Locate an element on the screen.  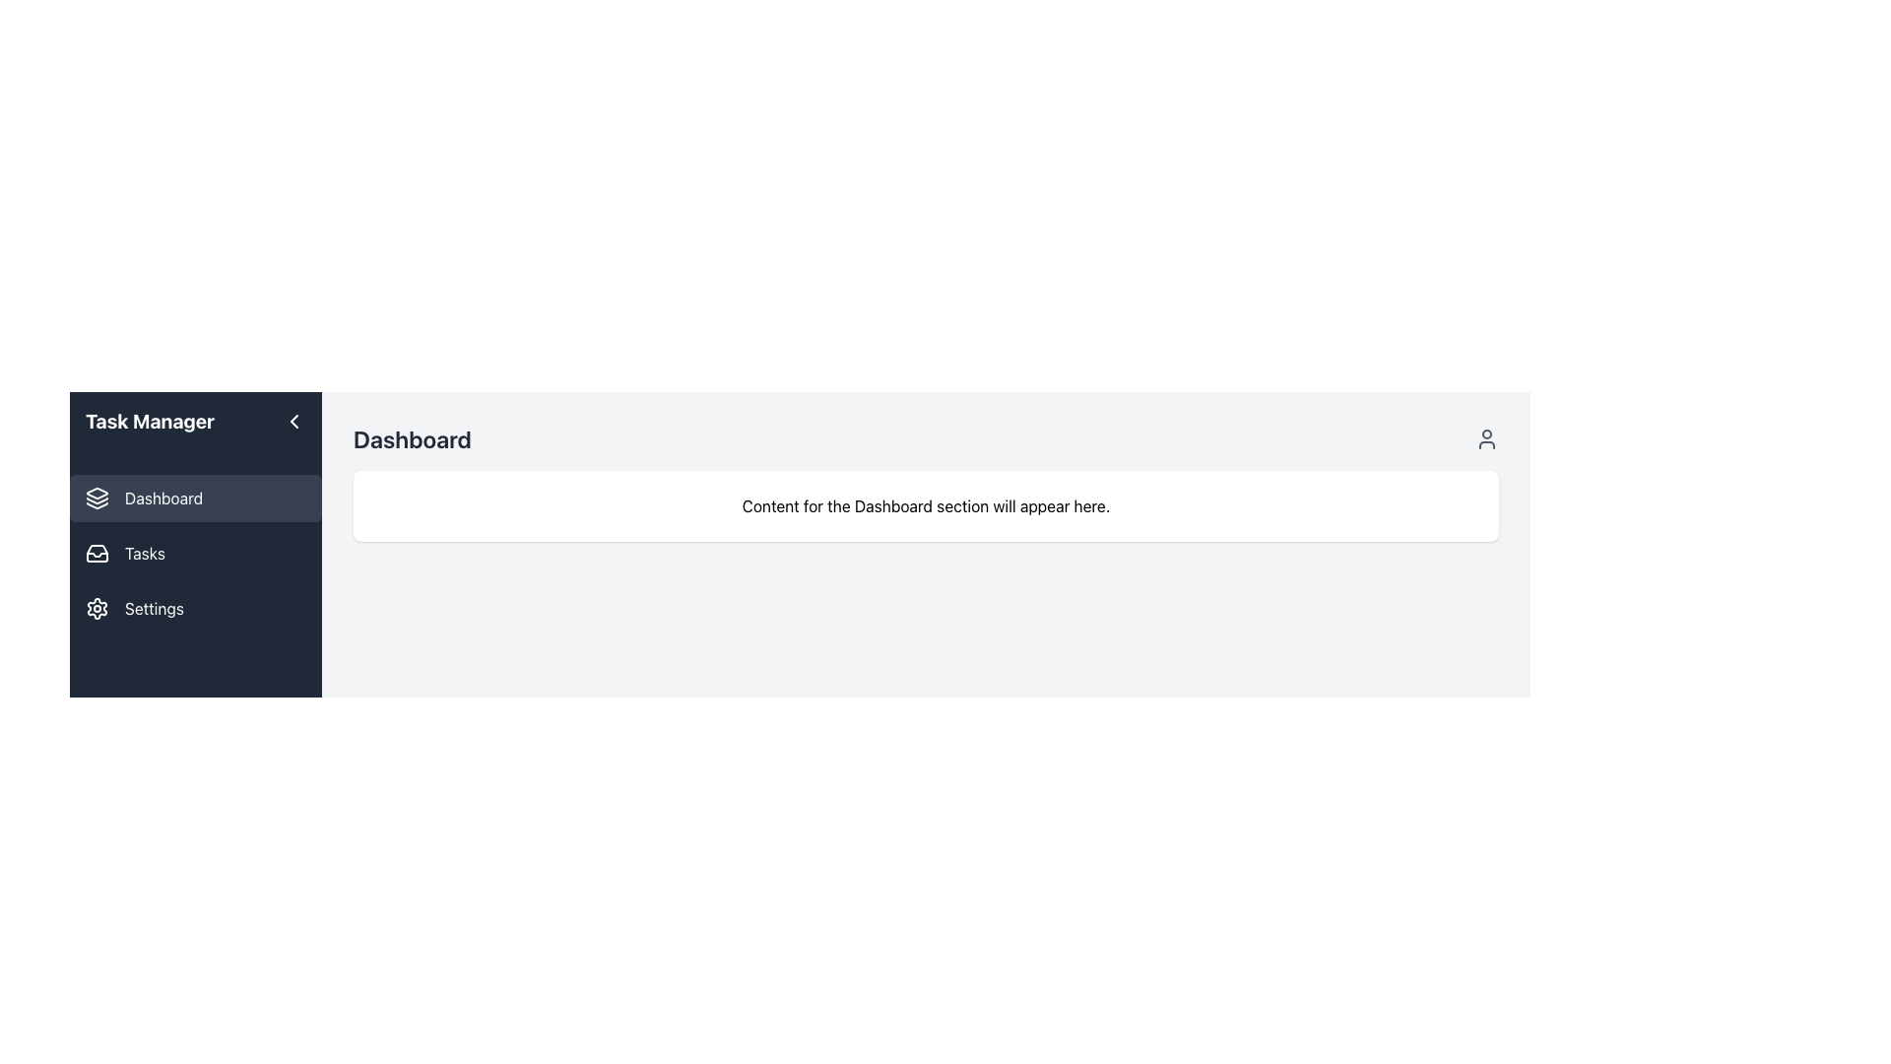
the user settings icon located at the far right of the header next to the 'Dashboard' text is located at coordinates (1487, 438).